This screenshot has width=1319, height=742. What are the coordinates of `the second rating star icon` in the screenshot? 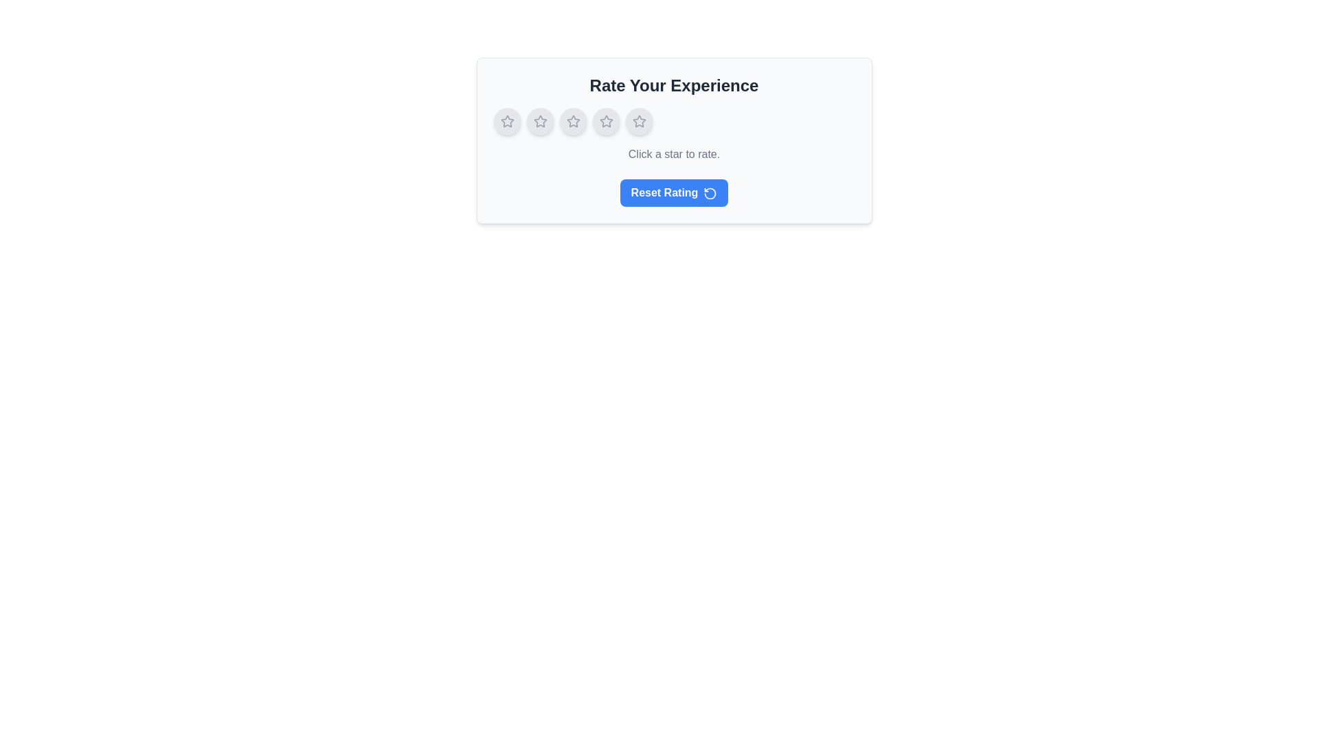 It's located at (573, 120).